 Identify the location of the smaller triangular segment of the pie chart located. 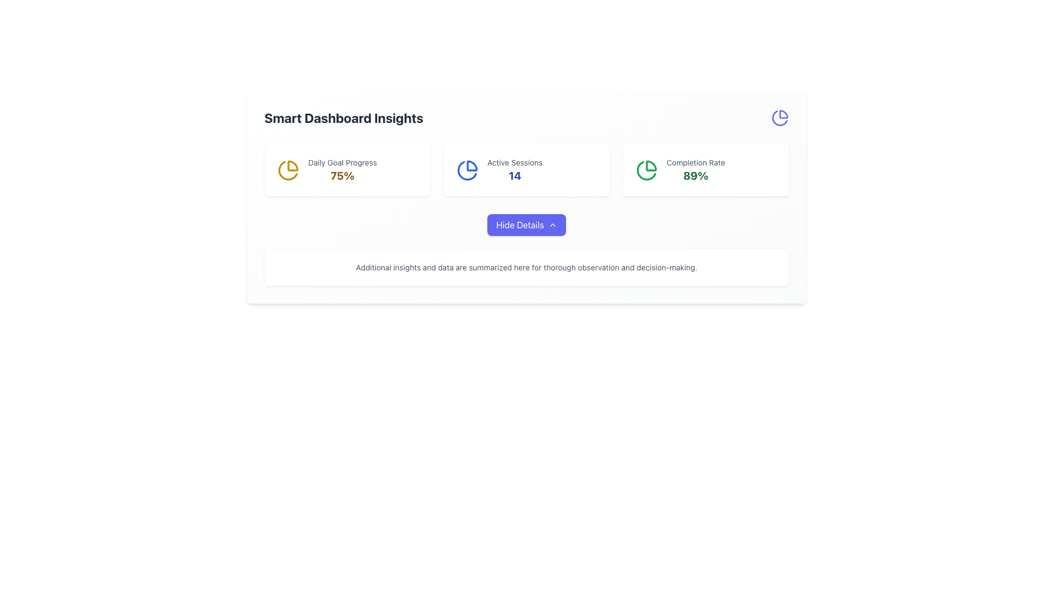
(651, 166).